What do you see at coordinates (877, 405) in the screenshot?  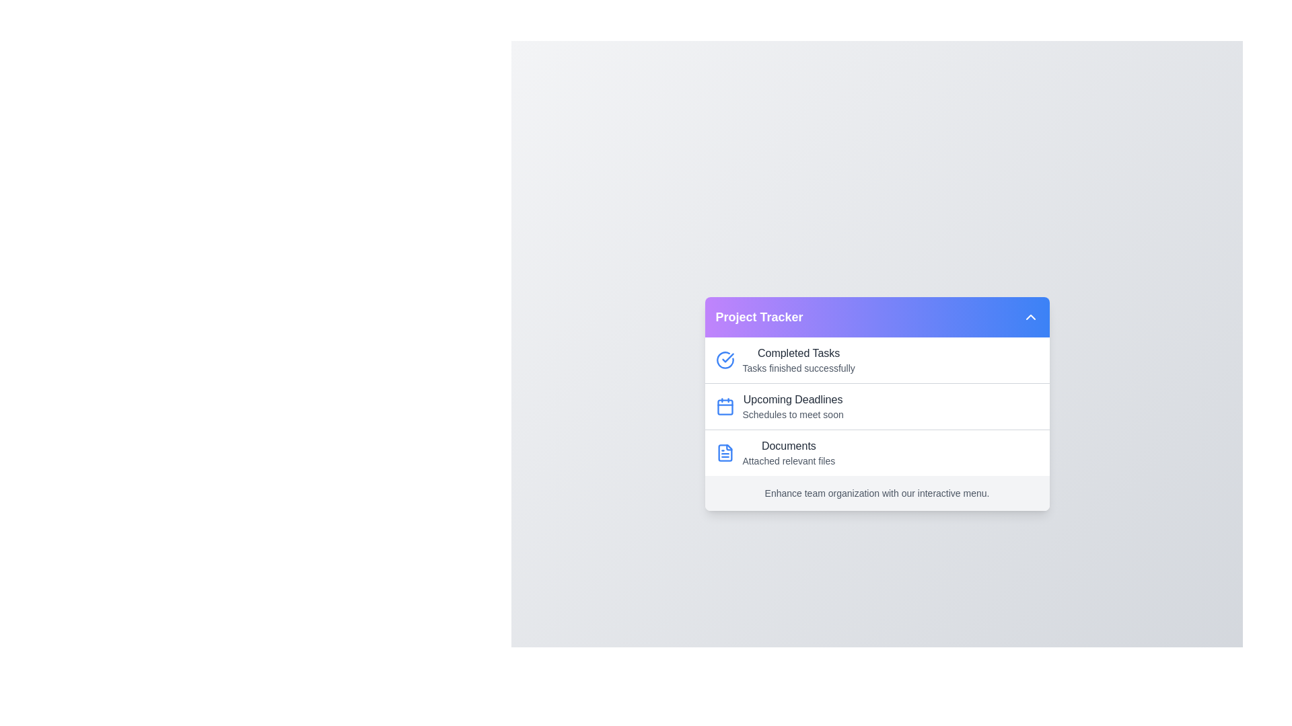 I see `the list item corresponding to Upcoming Deadlines` at bounding box center [877, 405].